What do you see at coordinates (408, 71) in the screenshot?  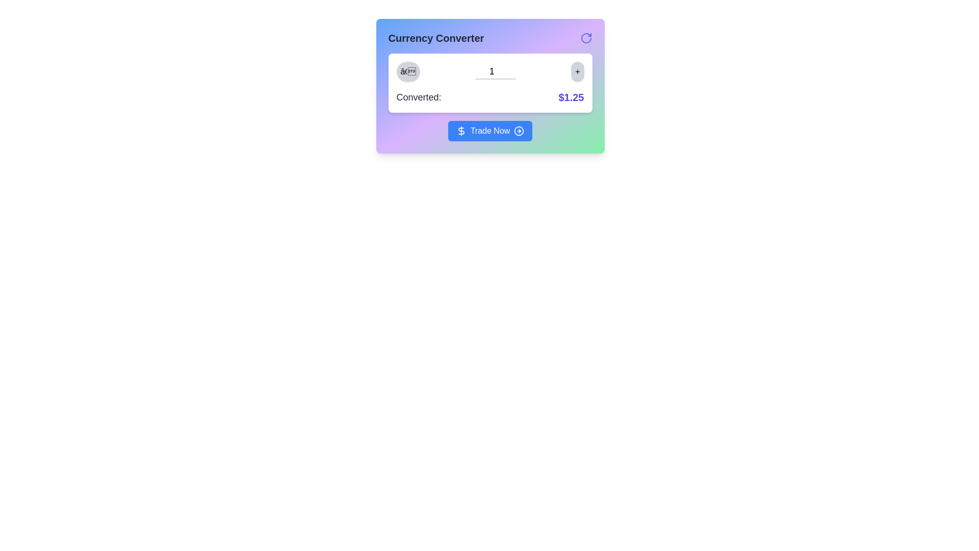 I see `the decrement button located on the leftmost side of the row in the 'Currency Converter' card interface` at bounding box center [408, 71].